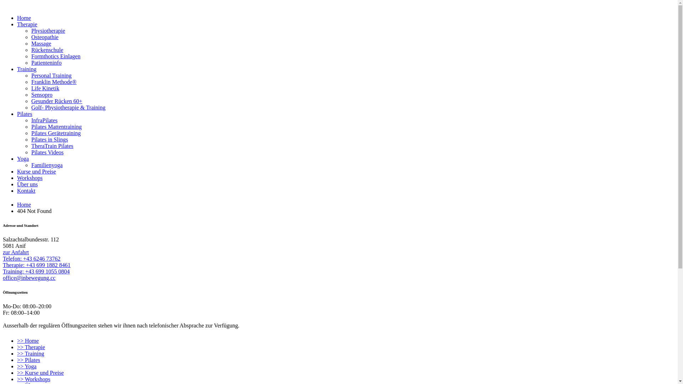 This screenshot has width=683, height=384. I want to click on 'Pilates', so click(17, 113).